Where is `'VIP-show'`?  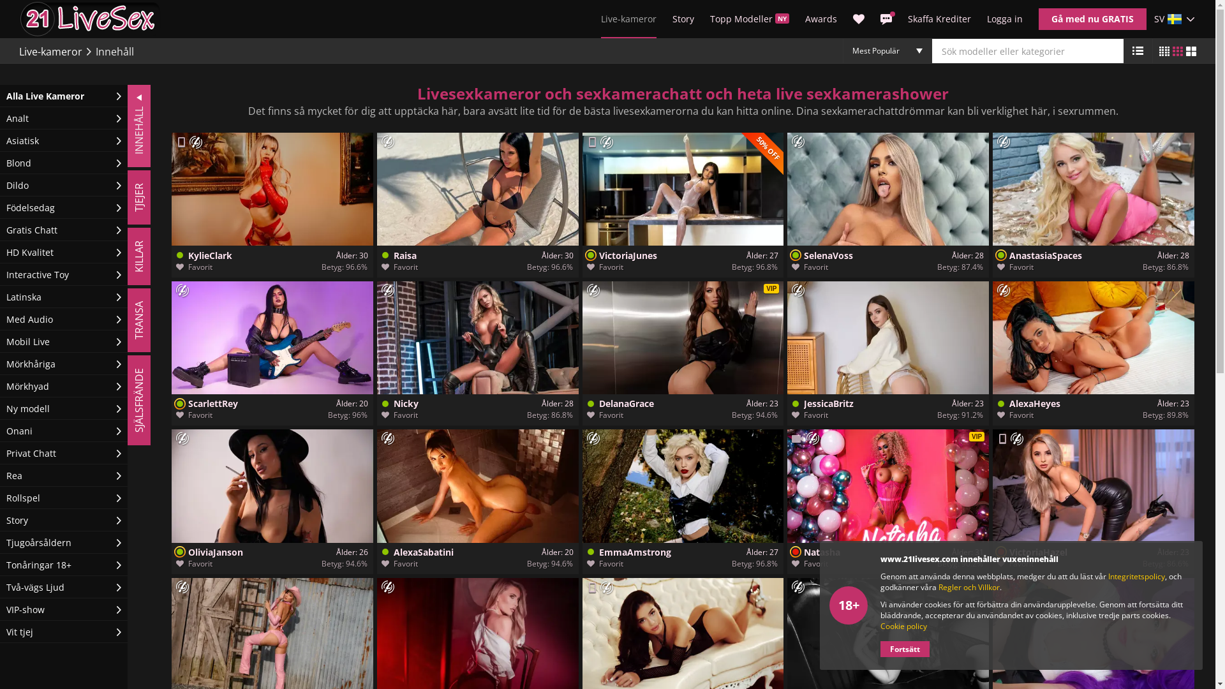 'VIP-show' is located at coordinates (0, 609).